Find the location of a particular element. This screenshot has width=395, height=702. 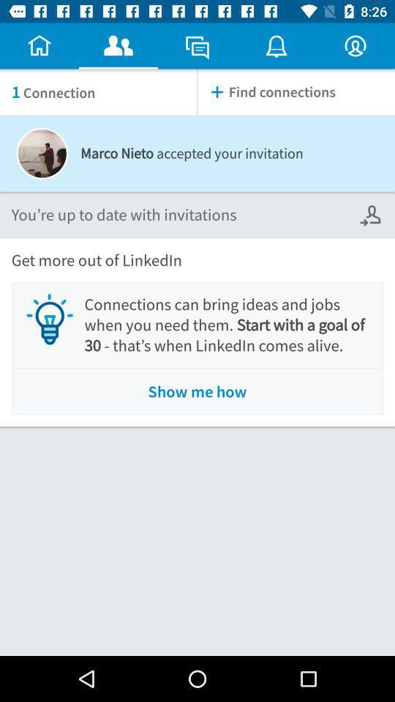

find connections item is located at coordinates (296, 91).